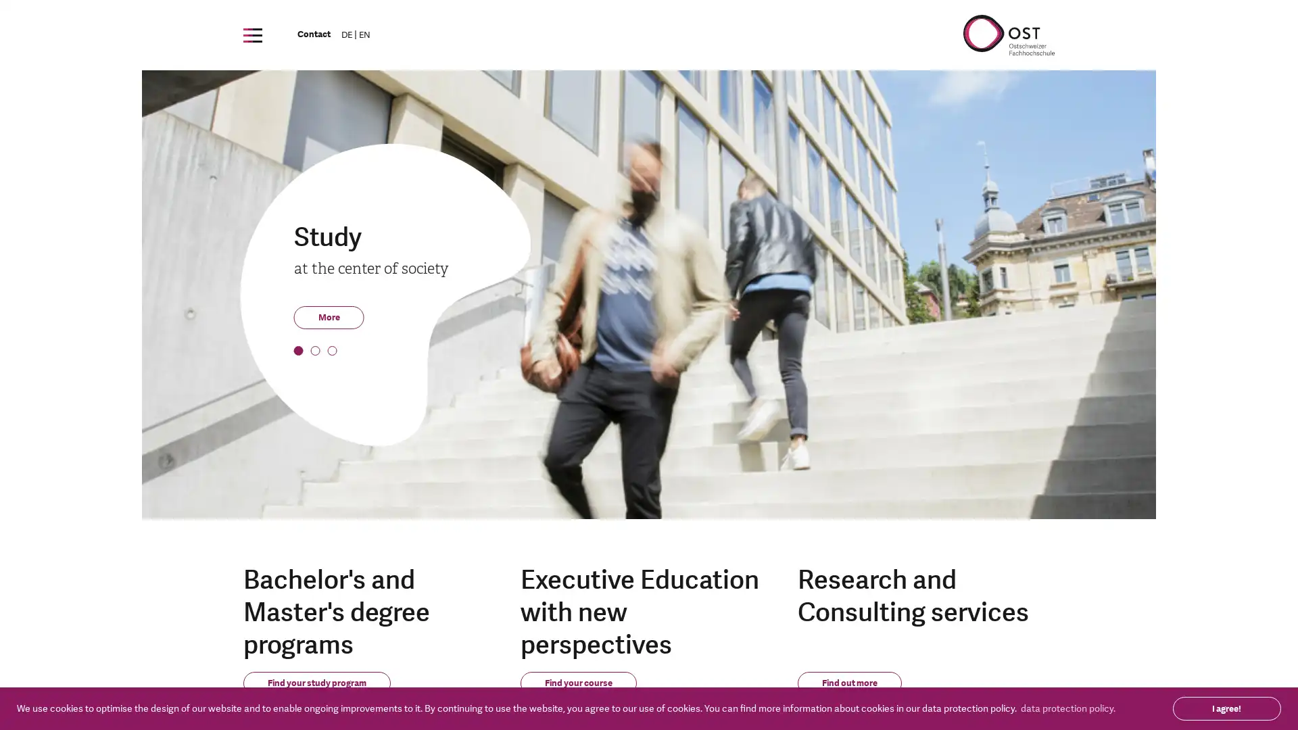  I want to click on 1, so click(301, 395).